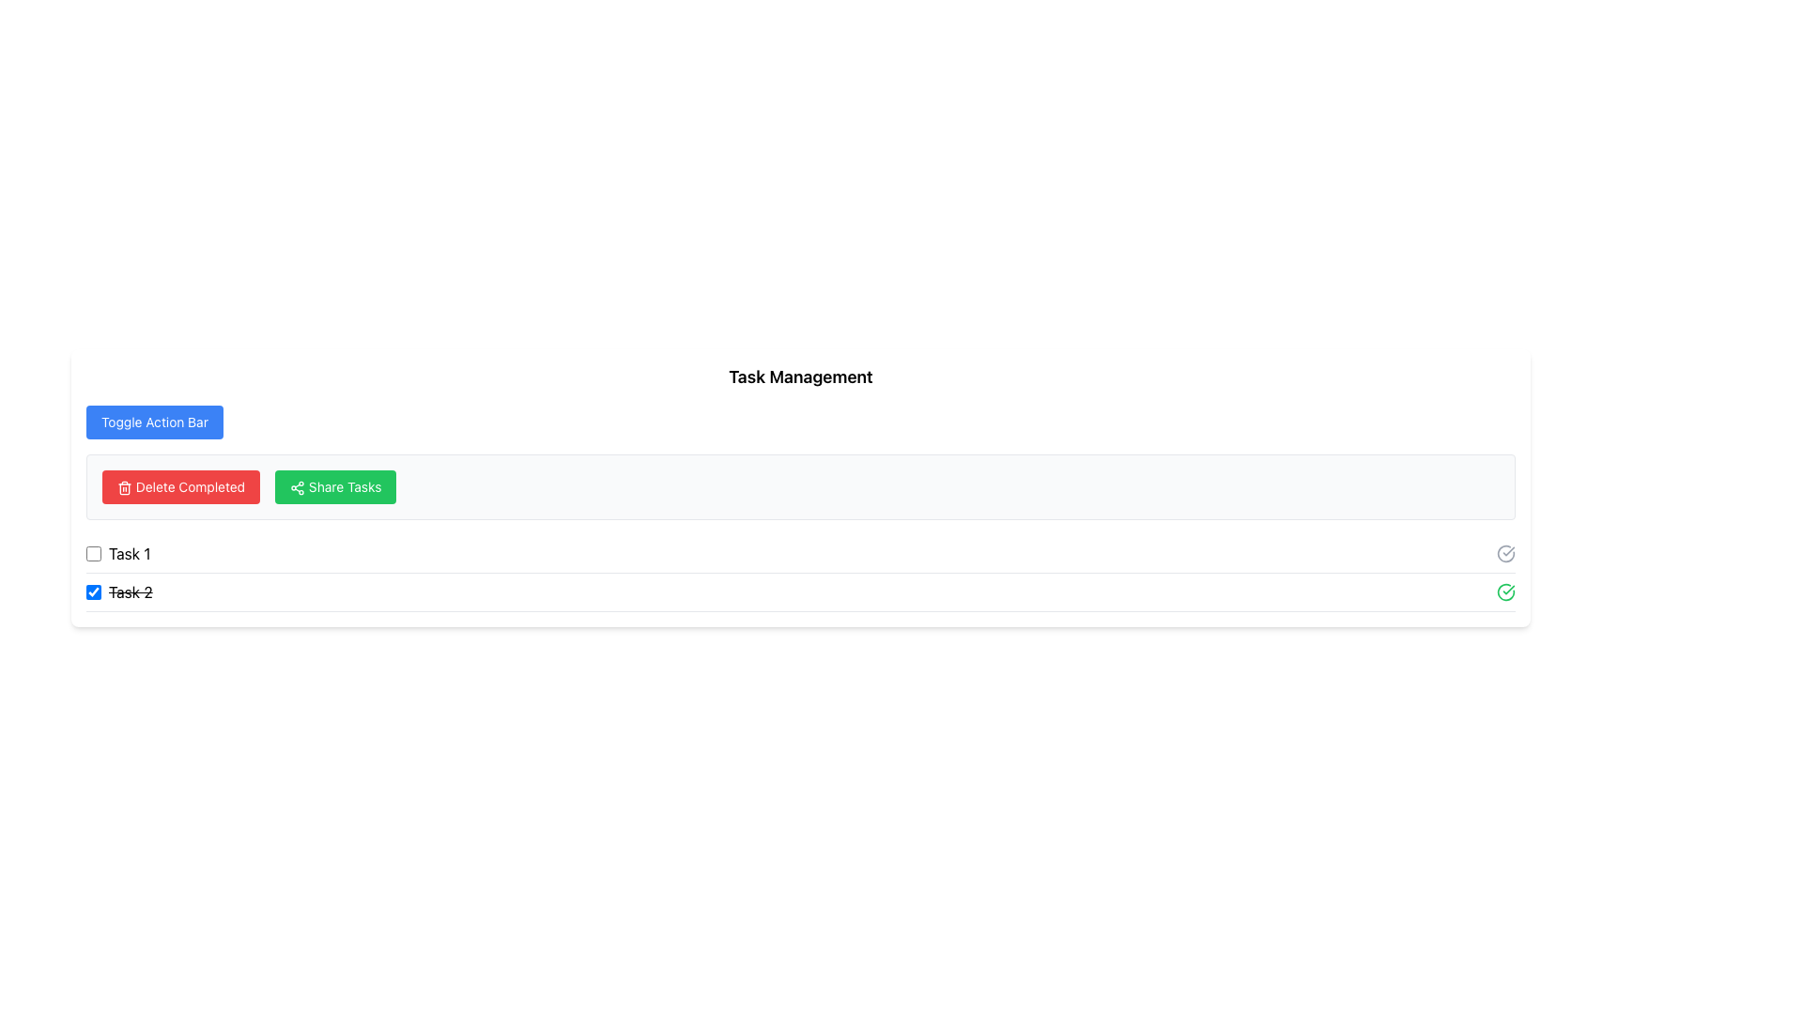 The width and height of the screenshot is (1803, 1014). Describe the element at coordinates (297, 487) in the screenshot. I see `the 'Share' SVG icon located on the left side of the 'Share Tasks' button, which is green and positioned at the top-right of the interface` at that location.